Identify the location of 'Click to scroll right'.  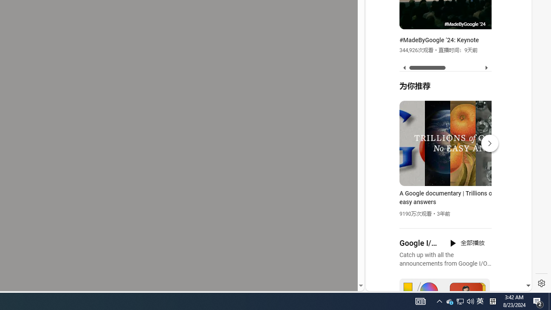
(515, 35).